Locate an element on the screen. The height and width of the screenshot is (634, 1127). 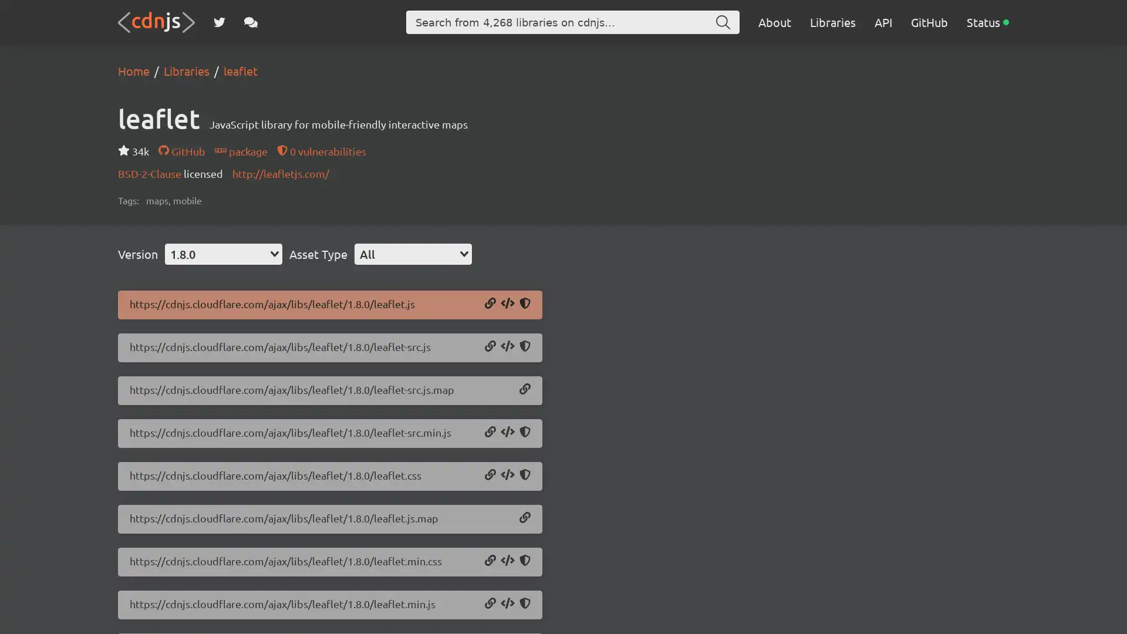
Copy Link Tag is located at coordinates (507, 475).